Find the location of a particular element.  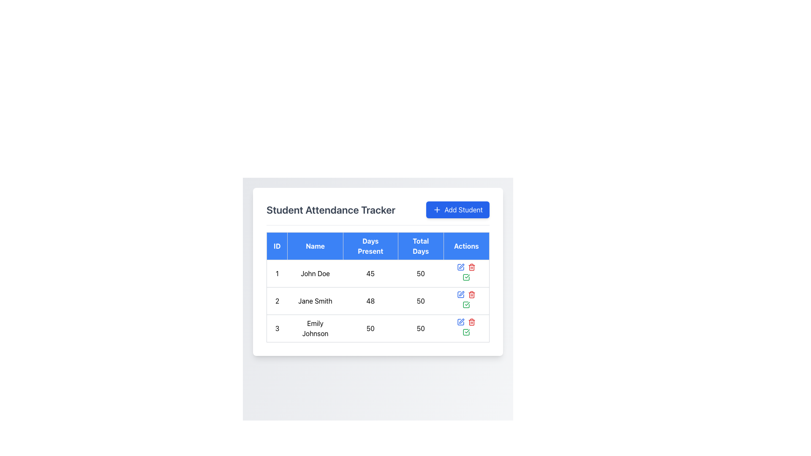

the body of the trash bin icon, which is styled with a black stroke and no fill, located in the 'Actions' column of the third row of the student attendance table is located at coordinates (471, 323).